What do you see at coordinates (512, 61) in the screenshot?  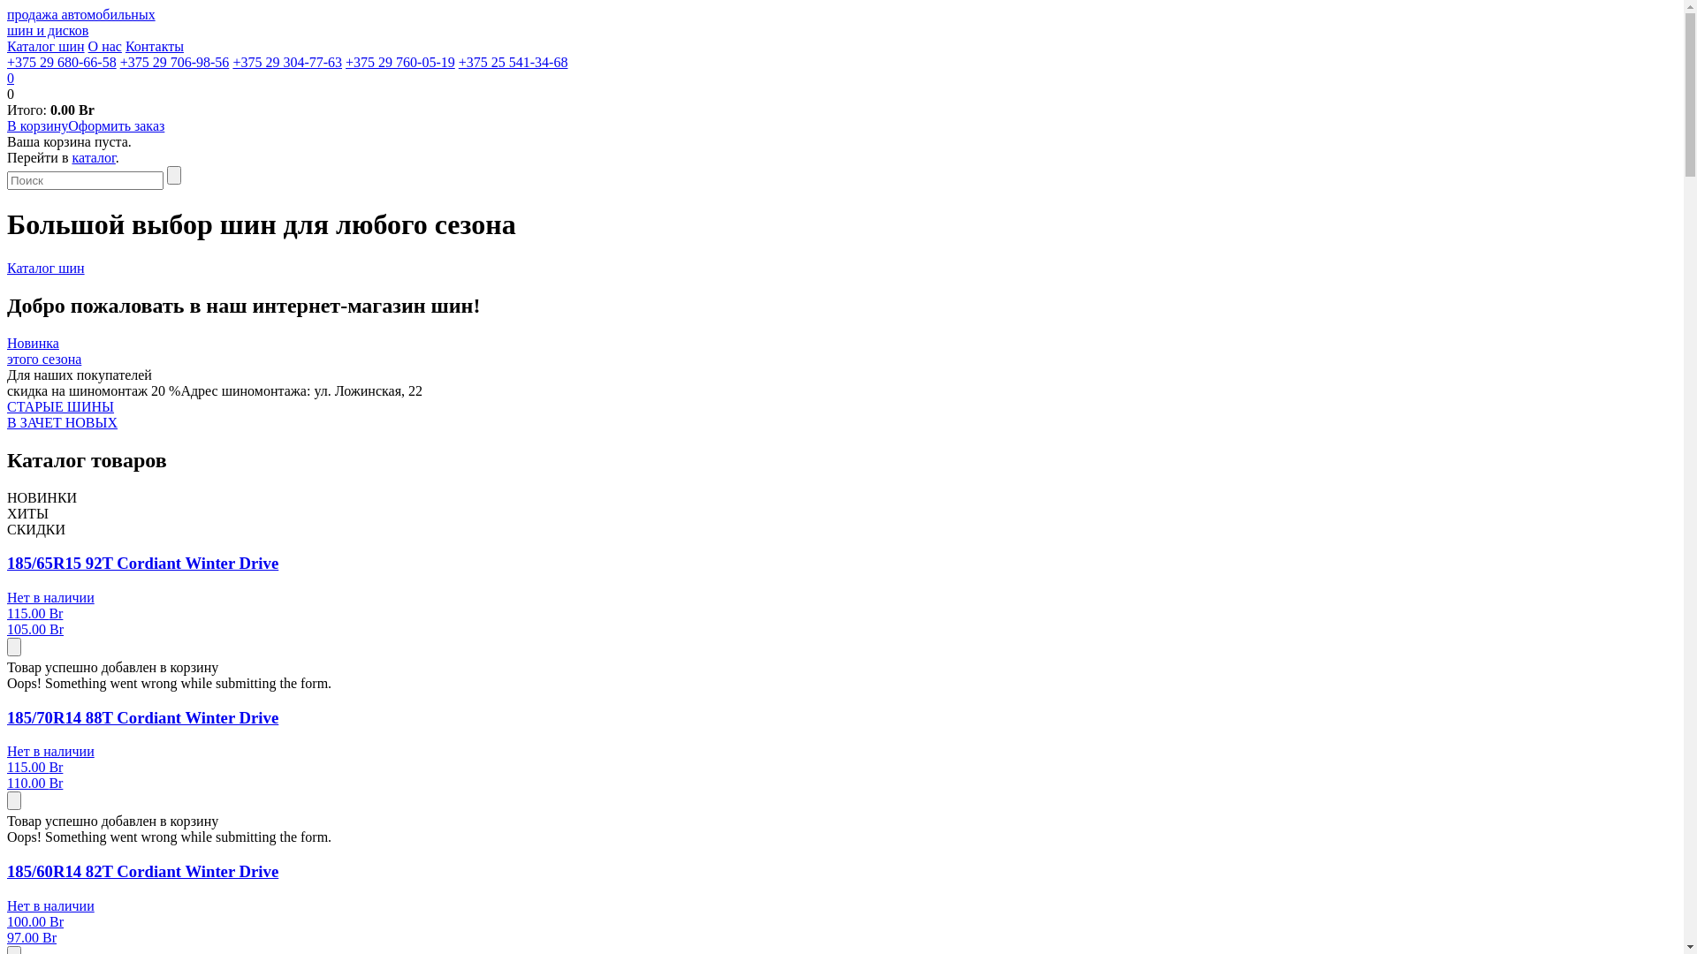 I see `'+375 25 541-34-68'` at bounding box center [512, 61].